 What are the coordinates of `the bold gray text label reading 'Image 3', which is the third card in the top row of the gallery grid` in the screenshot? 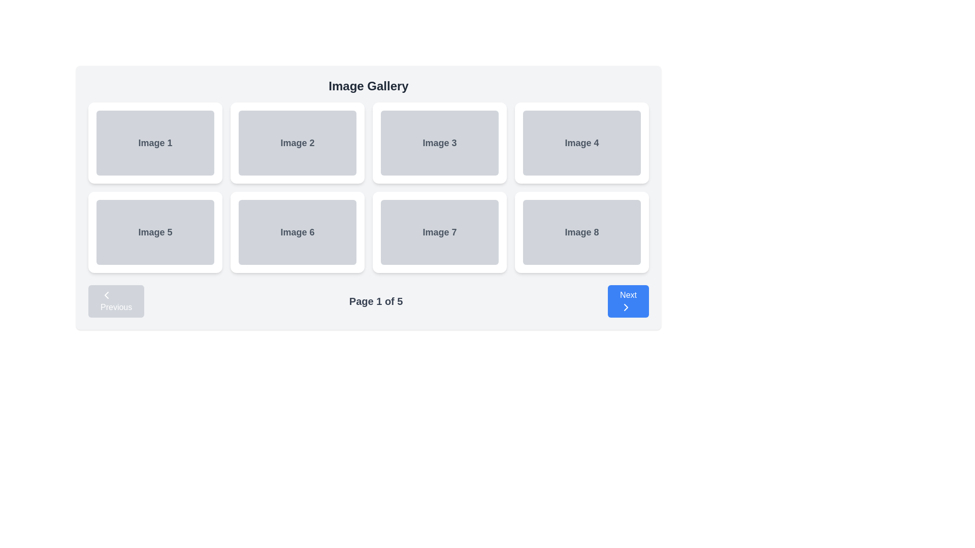 It's located at (439, 143).